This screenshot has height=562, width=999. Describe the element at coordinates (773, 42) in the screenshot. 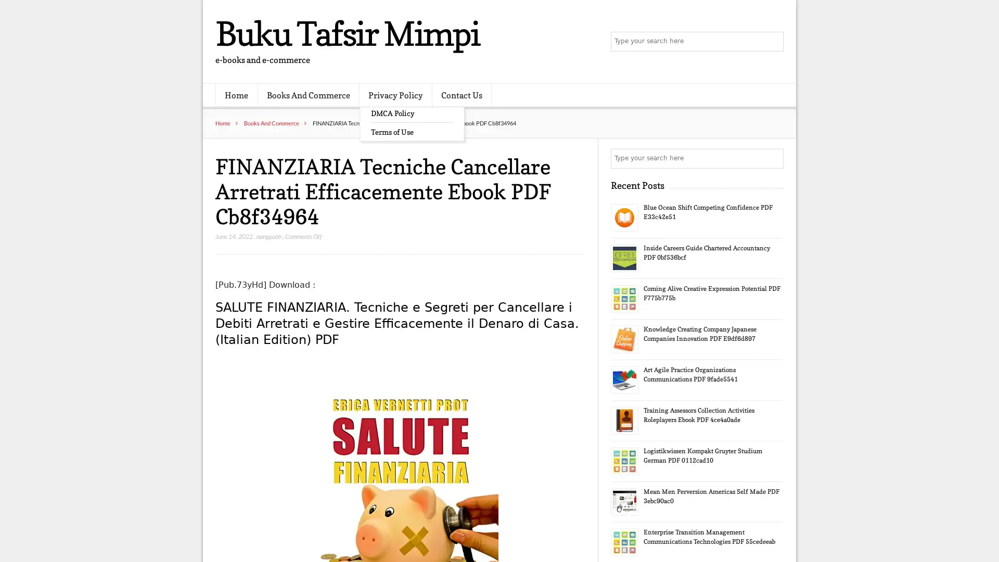

I see `Search` at that location.